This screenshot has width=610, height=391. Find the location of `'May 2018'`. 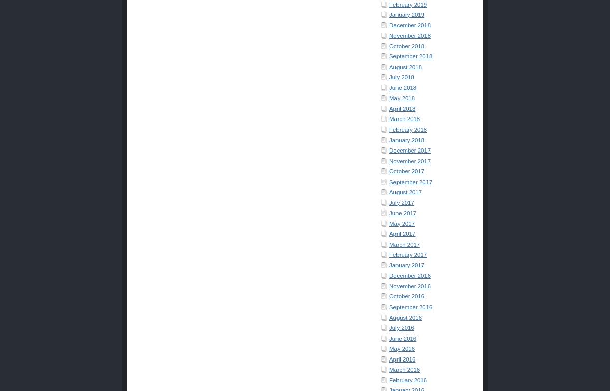

'May 2018' is located at coordinates (402, 98).